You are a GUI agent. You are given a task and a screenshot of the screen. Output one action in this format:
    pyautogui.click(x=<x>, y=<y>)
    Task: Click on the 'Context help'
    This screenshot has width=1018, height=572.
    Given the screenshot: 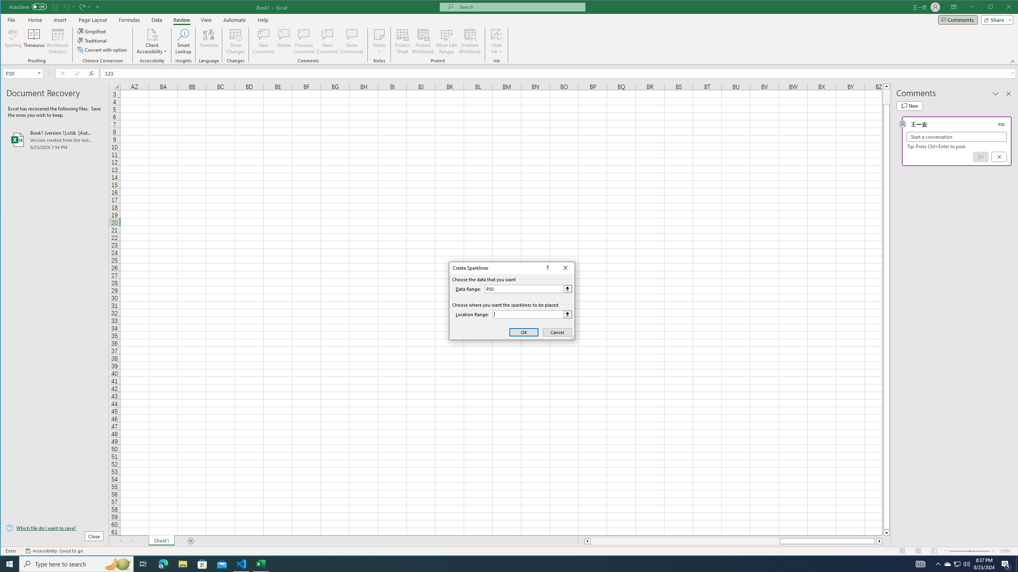 What is the action you would take?
    pyautogui.click(x=546, y=268)
    